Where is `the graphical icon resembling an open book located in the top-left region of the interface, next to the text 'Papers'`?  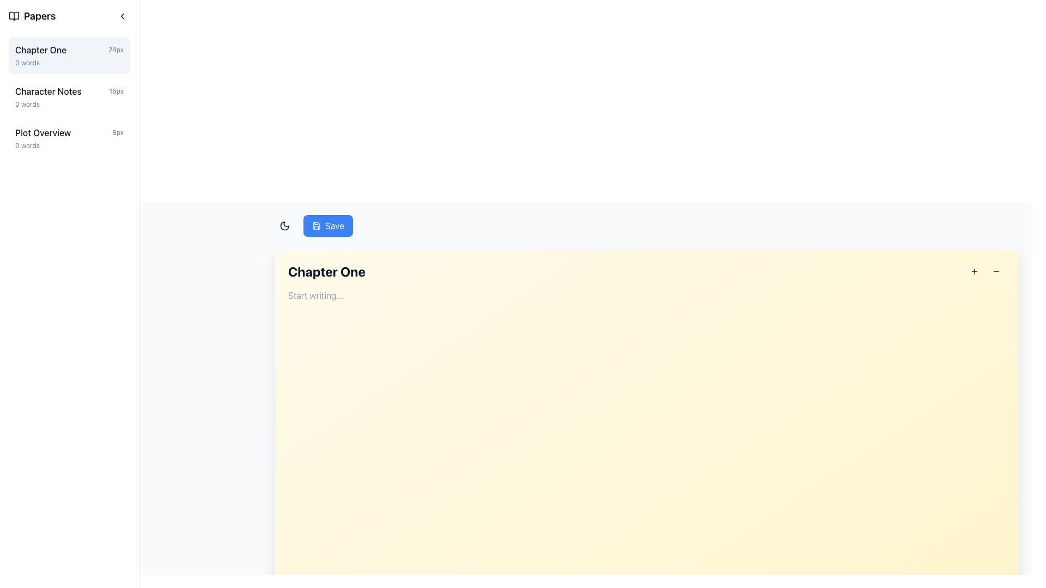
the graphical icon resembling an open book located in the top-left region of the interface, next to the text 'Papers' is located at coordinates (14, 16).